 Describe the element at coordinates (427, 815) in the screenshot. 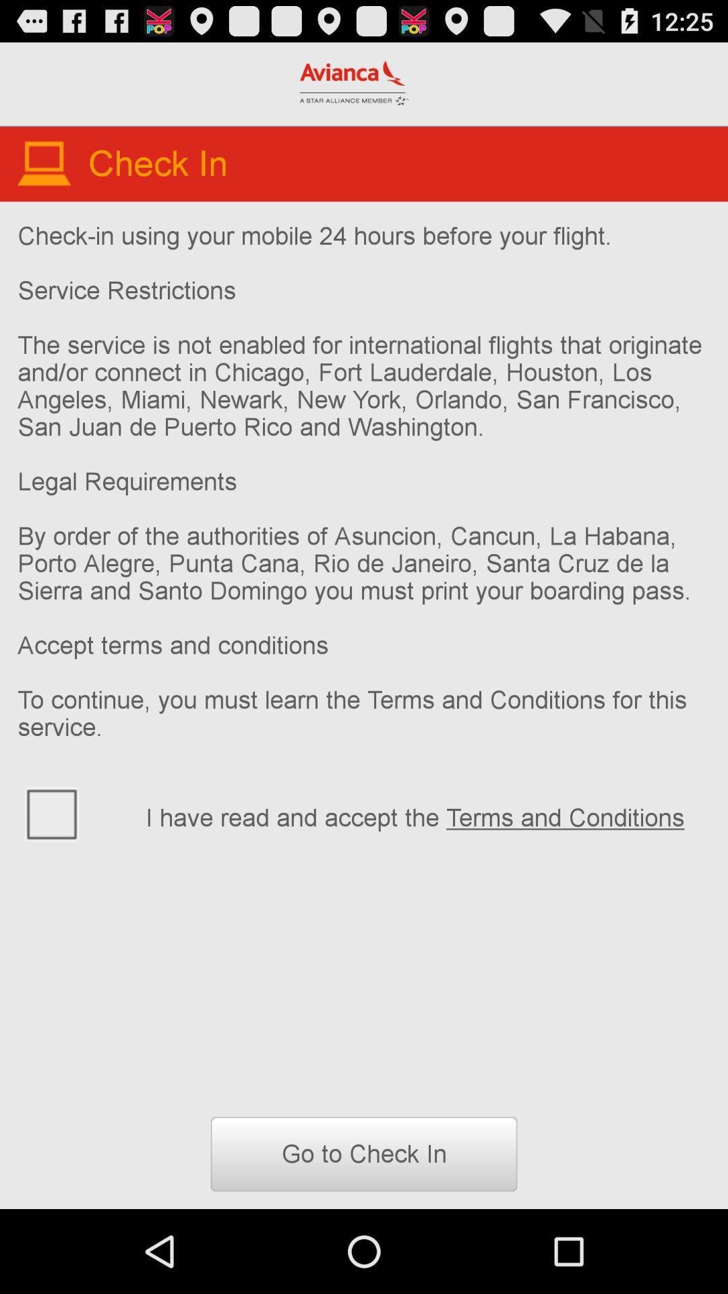

I see `i have read app` at that location.